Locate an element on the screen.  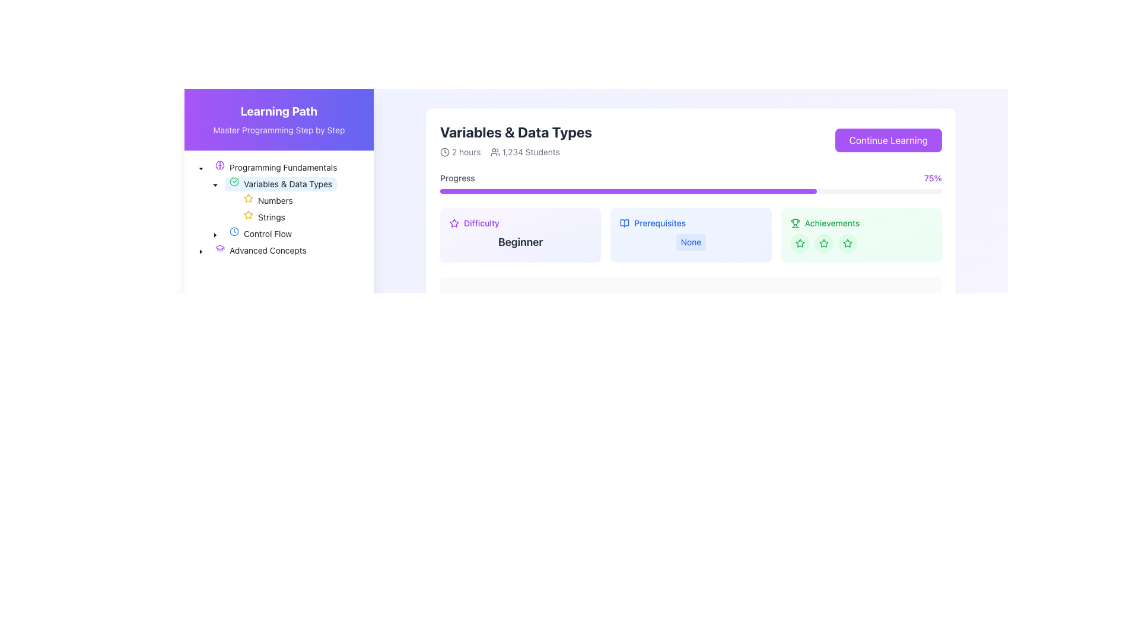
the 'Achievements' text label, which is styled in green and conveys importance is located at coordinates (832, 223).